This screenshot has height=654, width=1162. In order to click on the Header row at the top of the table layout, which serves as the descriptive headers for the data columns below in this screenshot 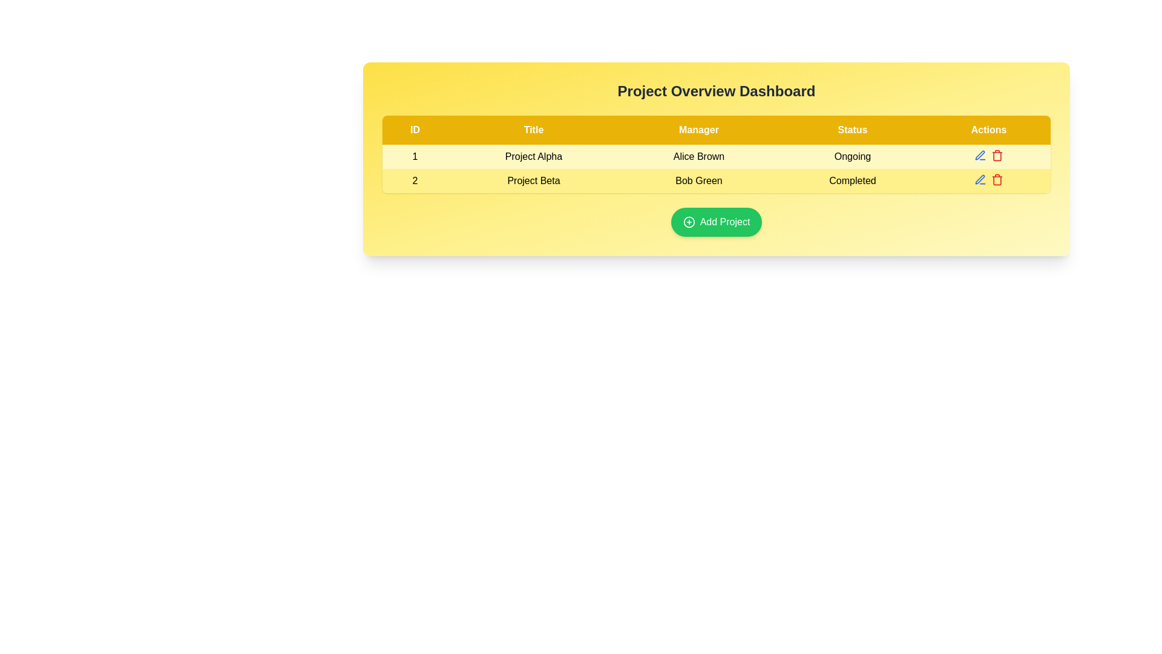, I will do `click(717, 130)`.